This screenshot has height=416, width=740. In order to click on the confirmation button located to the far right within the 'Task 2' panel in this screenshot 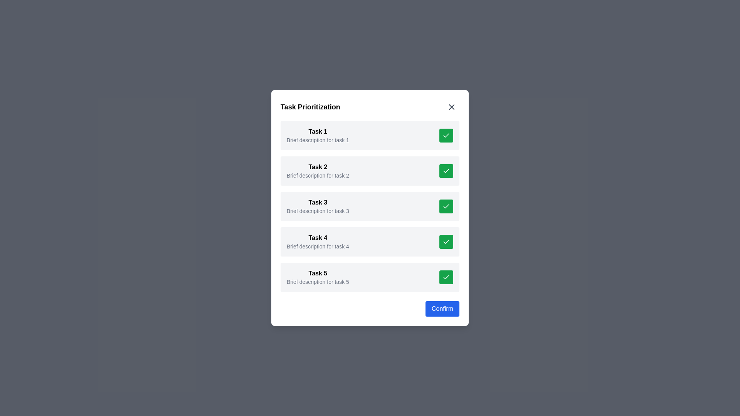, I will do `click(446, 170)`.